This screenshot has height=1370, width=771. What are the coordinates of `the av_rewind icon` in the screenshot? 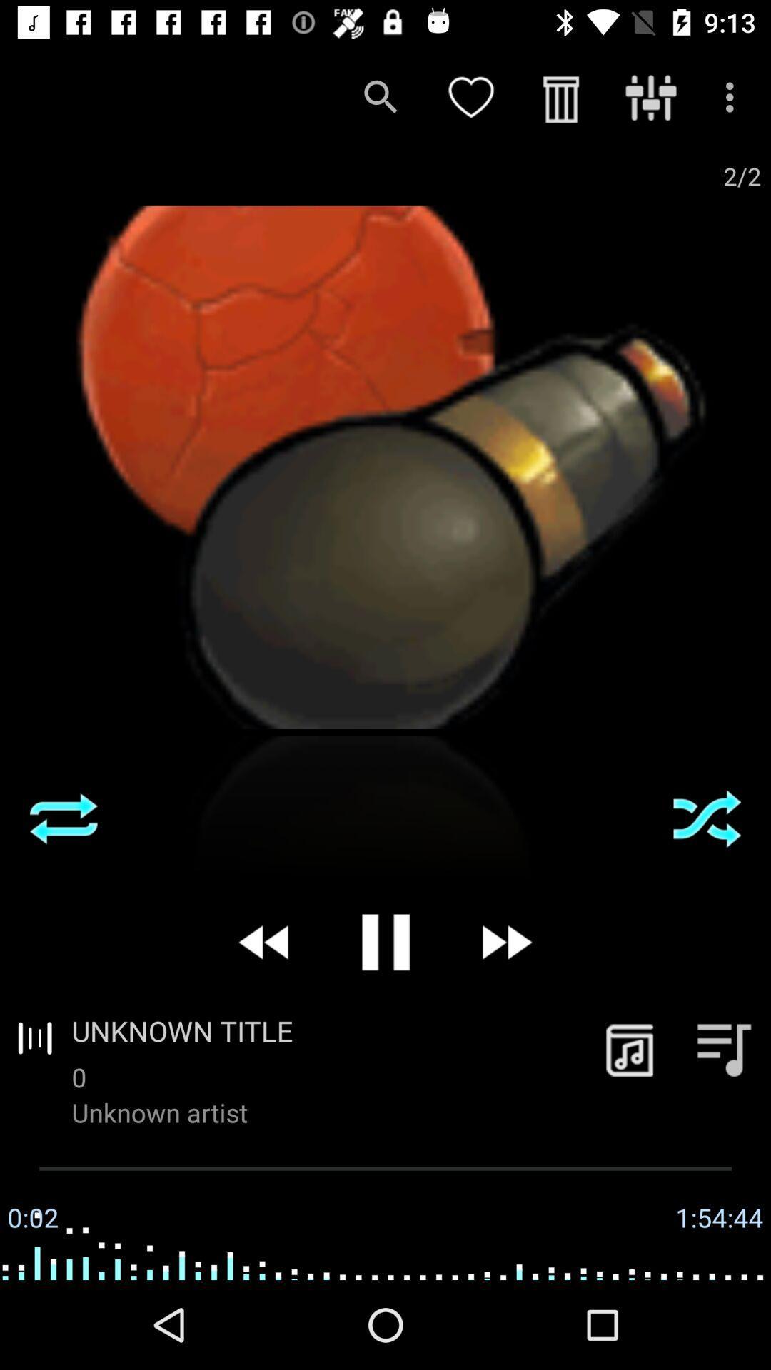 It's located at (265, 942).